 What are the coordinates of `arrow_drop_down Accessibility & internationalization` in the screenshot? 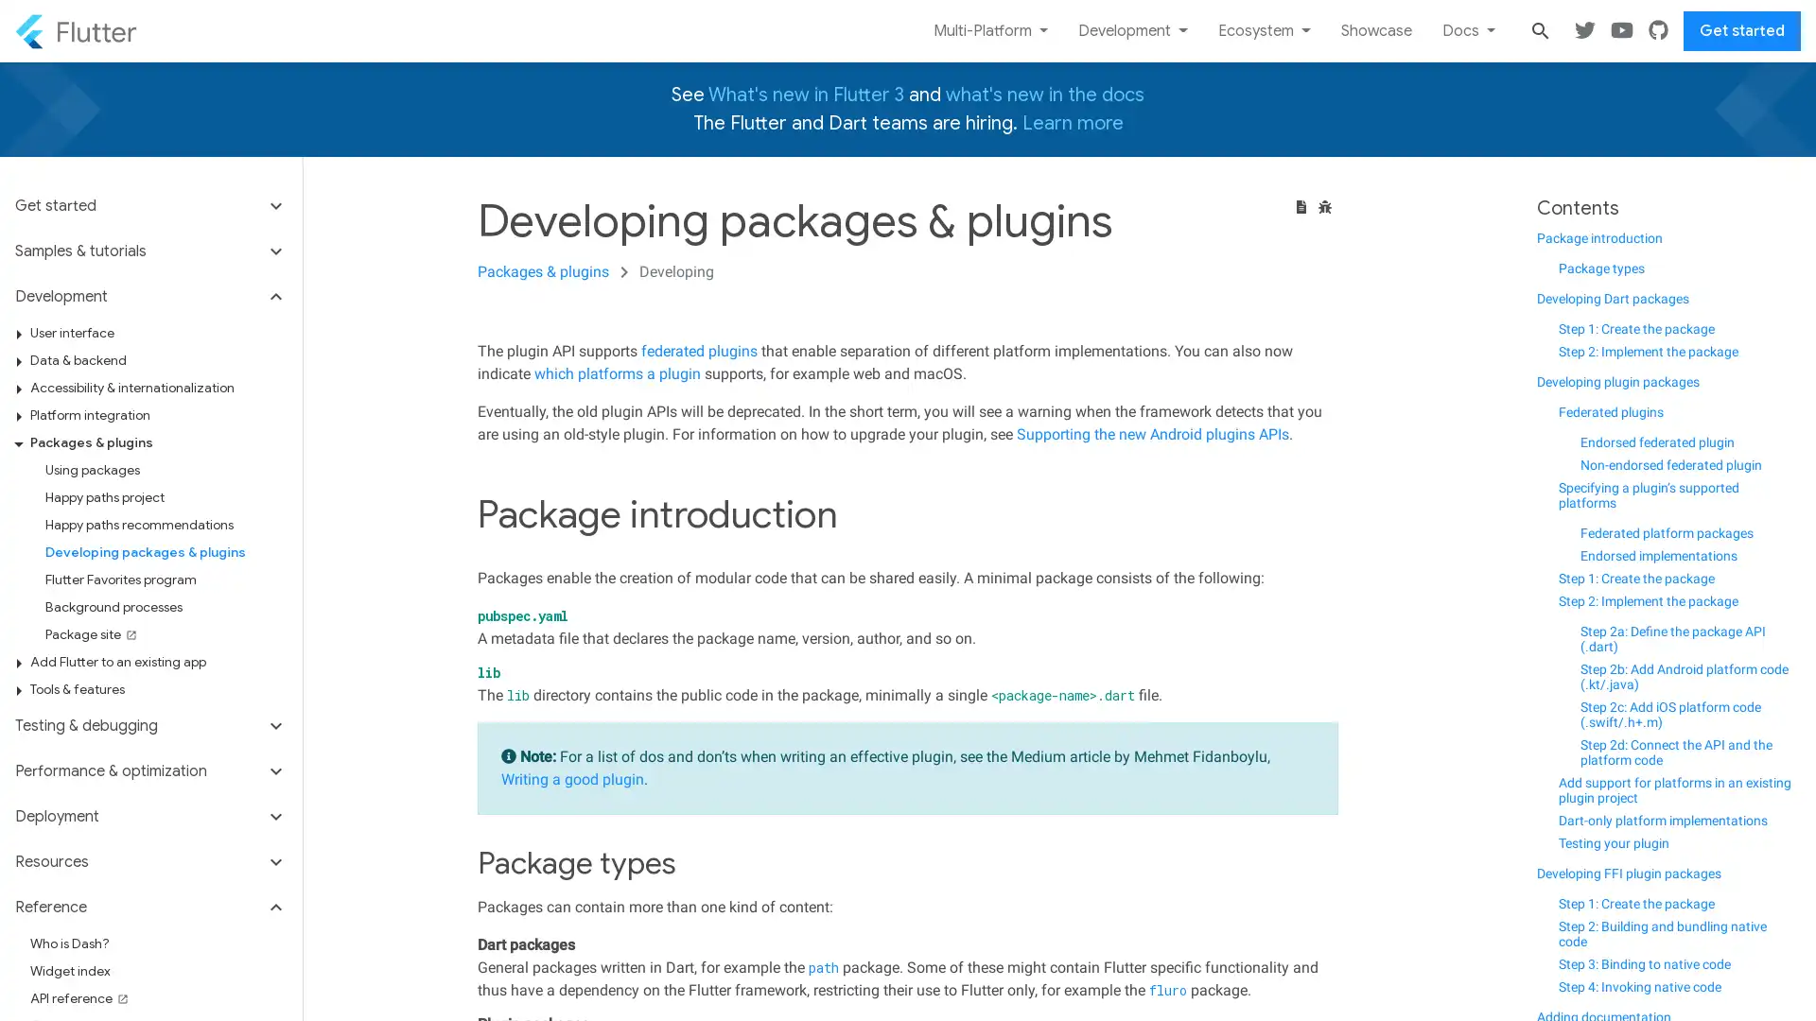 It's located at (158, 387).